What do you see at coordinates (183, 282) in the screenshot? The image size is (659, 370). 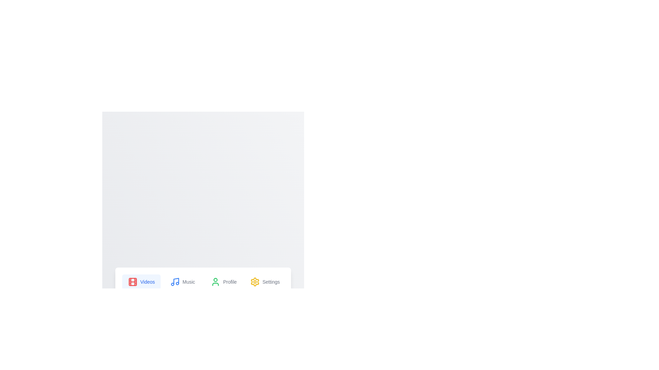 I see `the Music tab to switch its content` at bounding box center [183, 282].